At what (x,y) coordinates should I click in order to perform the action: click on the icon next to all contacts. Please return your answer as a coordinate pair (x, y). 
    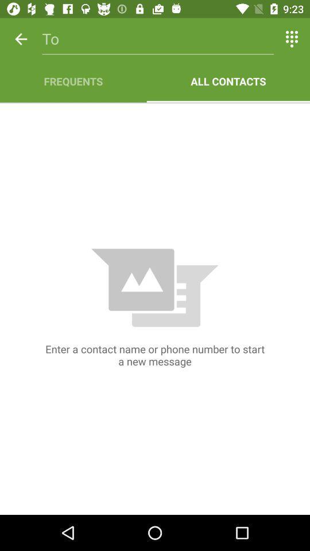
    Looking at the image, I should click on (73, 80).